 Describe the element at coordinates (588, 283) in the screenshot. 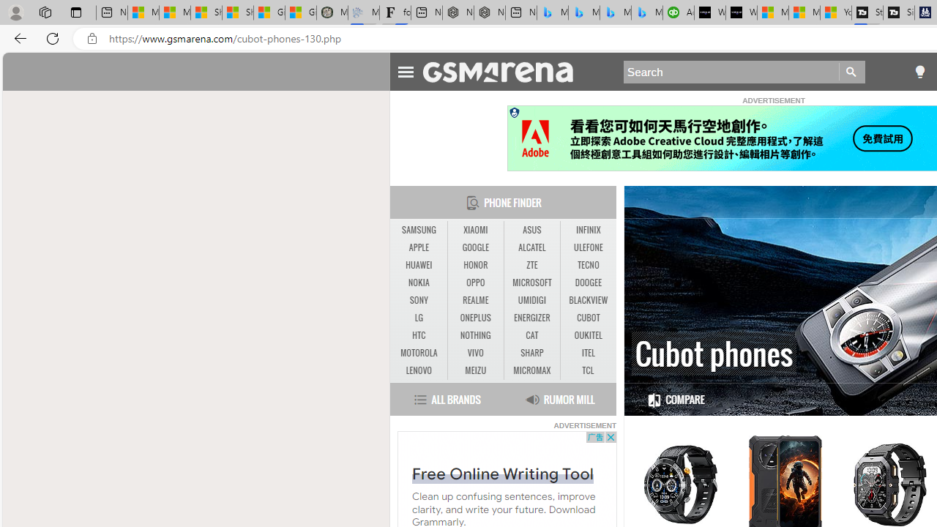

I see `'DOOGEE'` at that location.